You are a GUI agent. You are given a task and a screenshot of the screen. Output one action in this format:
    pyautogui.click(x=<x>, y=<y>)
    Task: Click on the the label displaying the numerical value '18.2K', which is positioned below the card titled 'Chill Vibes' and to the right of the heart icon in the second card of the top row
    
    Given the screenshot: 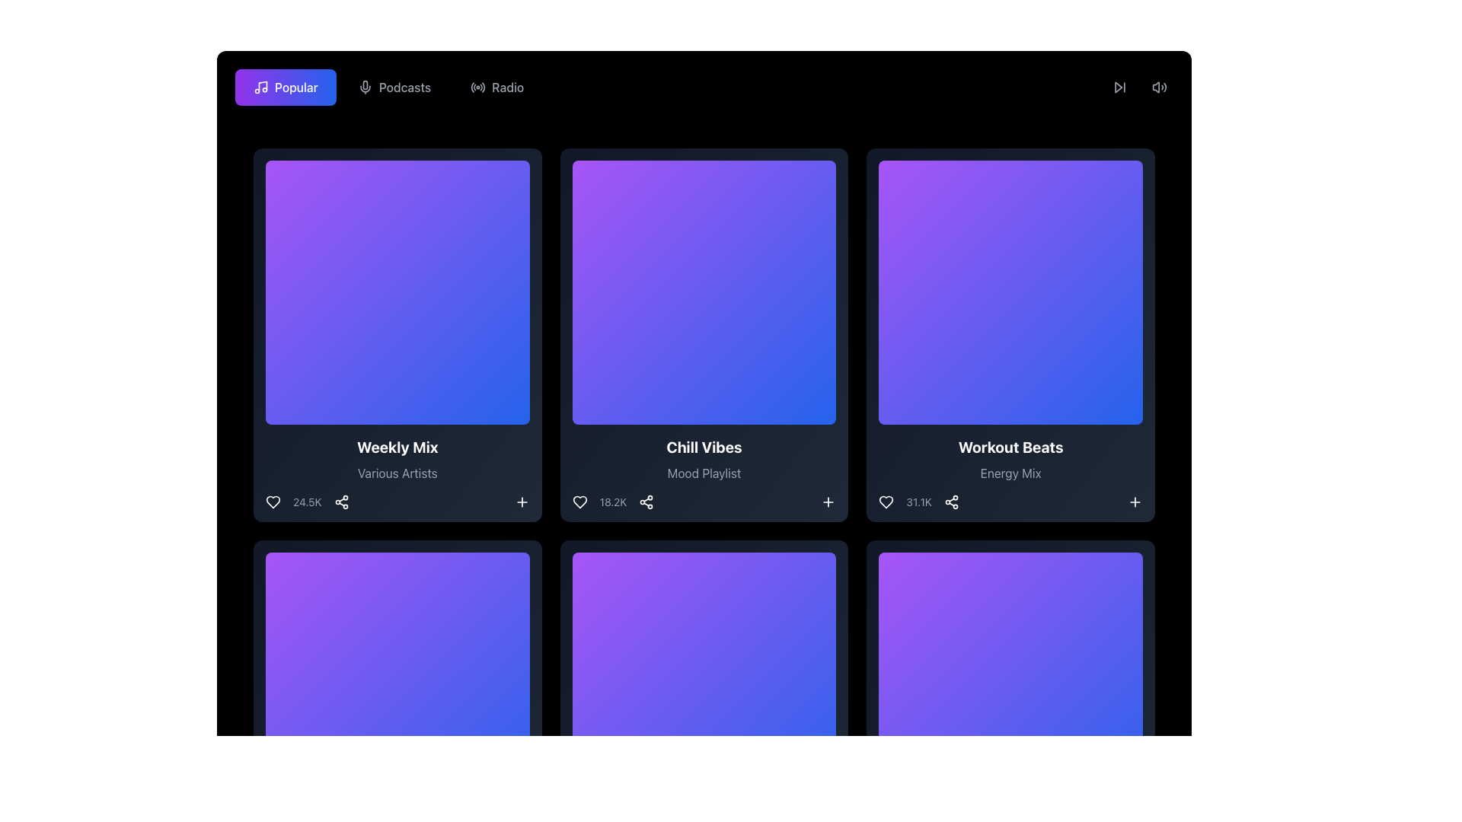 What is the action you would take?
    pyautogui.click(x=613, y=502)
    